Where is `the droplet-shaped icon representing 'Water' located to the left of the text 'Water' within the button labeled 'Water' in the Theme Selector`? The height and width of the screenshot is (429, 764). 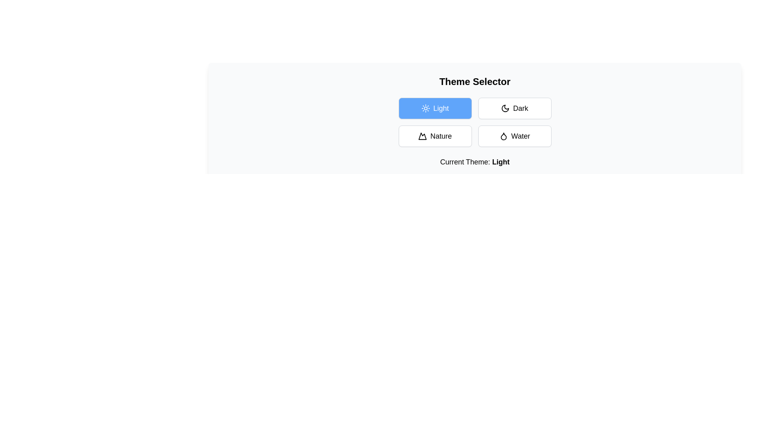 the droplet-shaped icon representing 'Water' located to the left of the text 'Water' within the button labeled 'Water' in the Theme Selector is located at coordinates (503, 136).